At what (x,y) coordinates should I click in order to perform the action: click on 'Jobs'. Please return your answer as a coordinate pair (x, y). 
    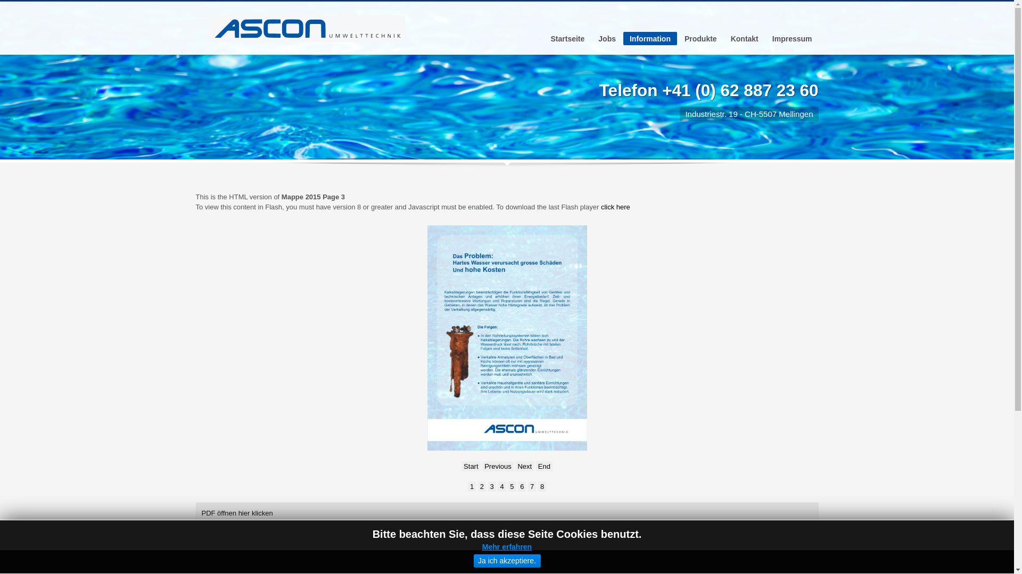
    Looking at the image, I should click on (607, 38).